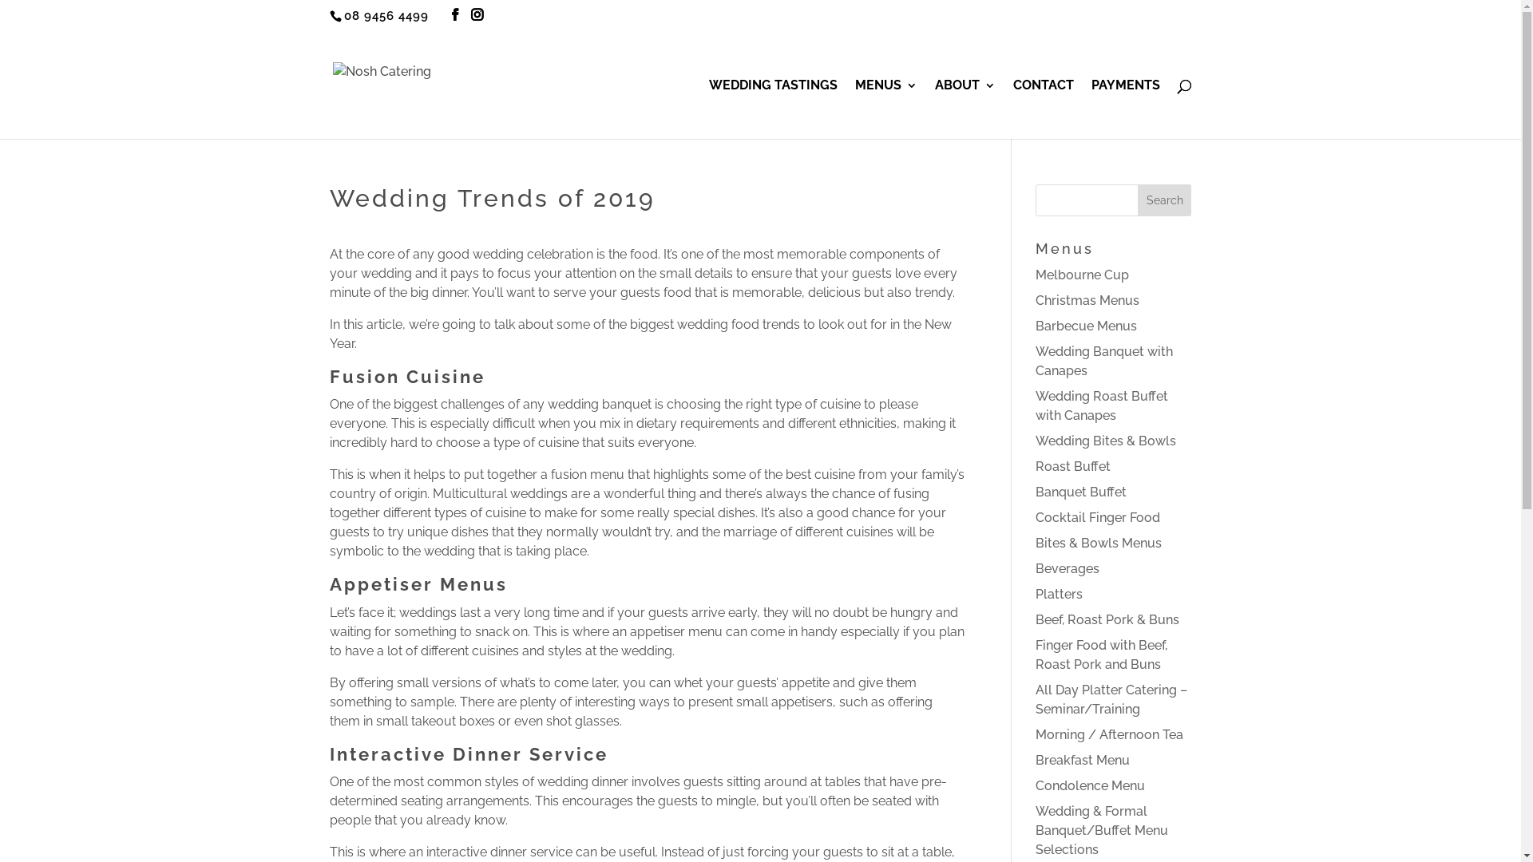 The image size is (1533, 862). What do you see at coordinates (1098, 542) in the screenshot?
I see `'Bites & Bowls Menus'` at bounding box center [1098, 542].